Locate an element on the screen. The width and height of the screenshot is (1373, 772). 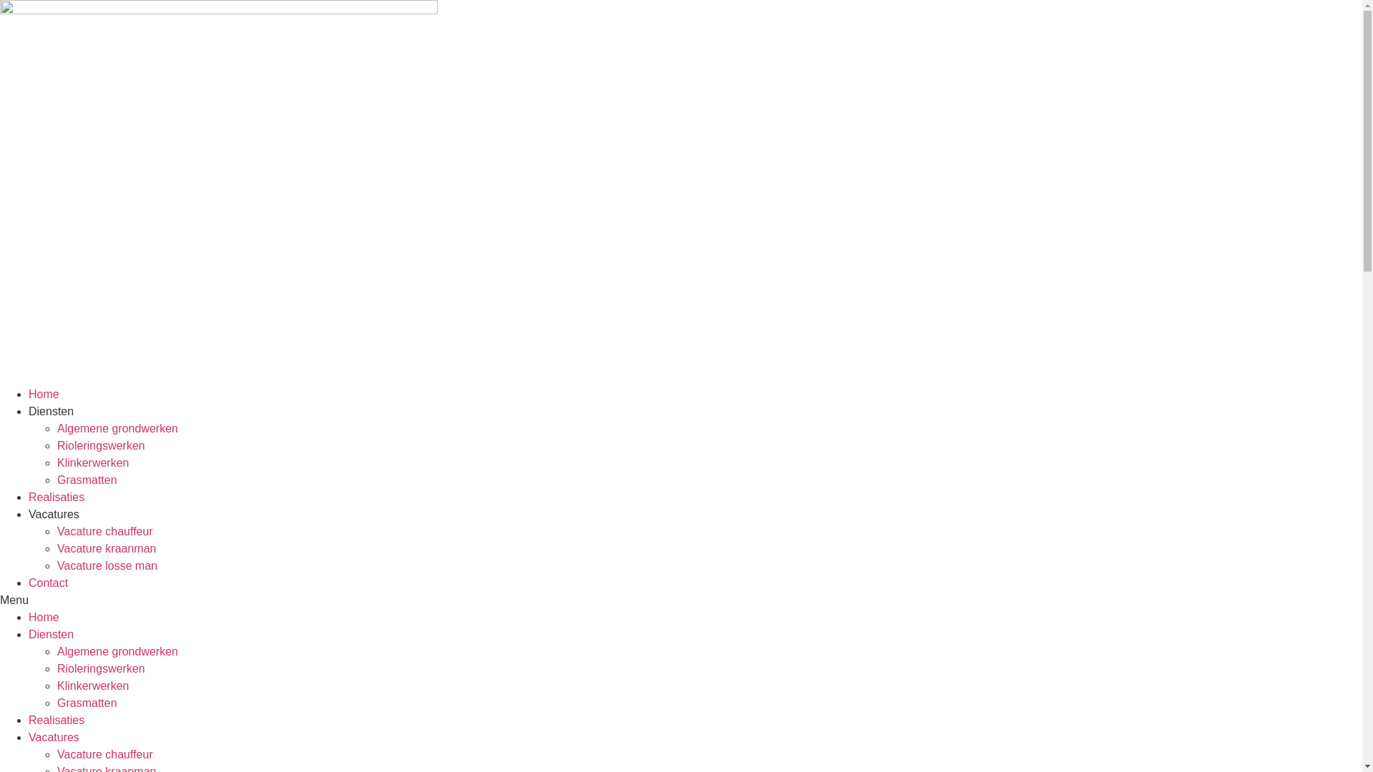
'Grasmatten' is located at coordinates (86, 480).